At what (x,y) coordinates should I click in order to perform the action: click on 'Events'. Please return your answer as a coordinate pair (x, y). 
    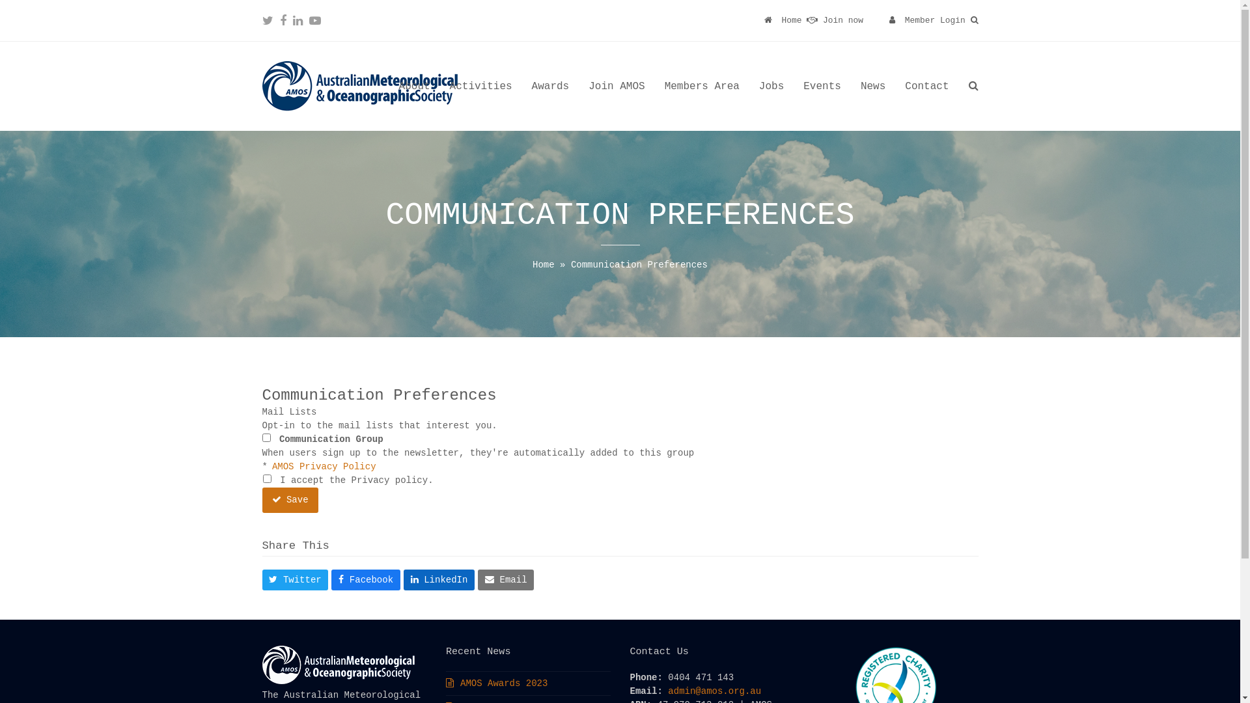
    Looking at the image, I should click on (793, 86).